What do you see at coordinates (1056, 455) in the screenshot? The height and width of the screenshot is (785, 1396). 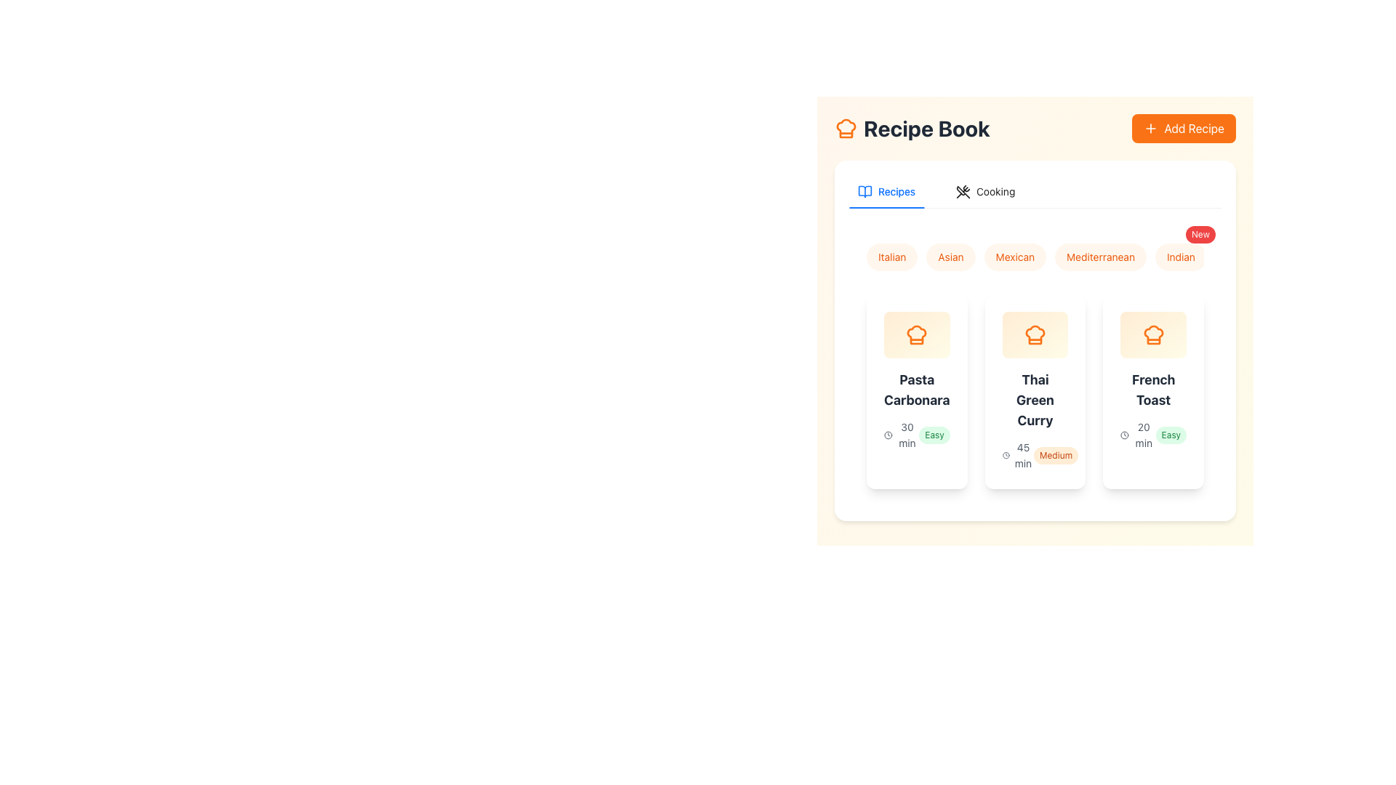 I see `'Medium' label, which is a pill-shaped badge with bold orange font located within the 'Thai Green Curry' card` at bounding box center [1056, 455].